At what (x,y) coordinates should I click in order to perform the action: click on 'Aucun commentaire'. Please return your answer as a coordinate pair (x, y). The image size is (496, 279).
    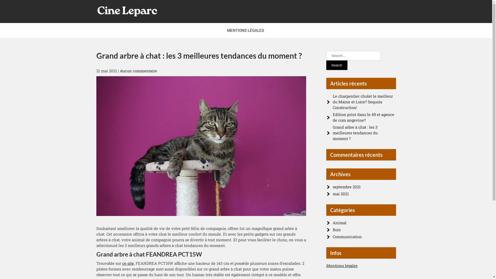
    Looking at the image, I should click on (120, 71).